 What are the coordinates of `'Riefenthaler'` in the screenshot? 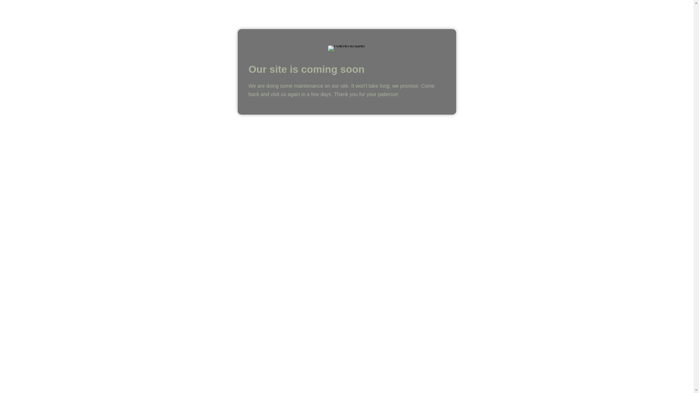 It's located at (346, 48).